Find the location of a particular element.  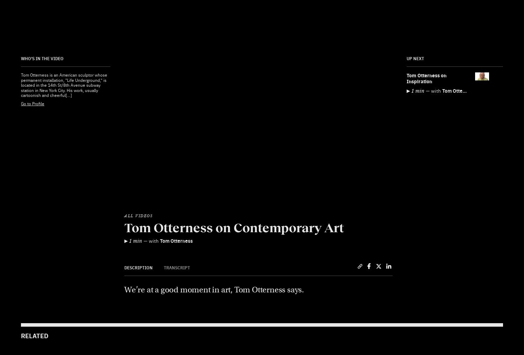

'Privacy Policy' is located at coordinates (169, 297).